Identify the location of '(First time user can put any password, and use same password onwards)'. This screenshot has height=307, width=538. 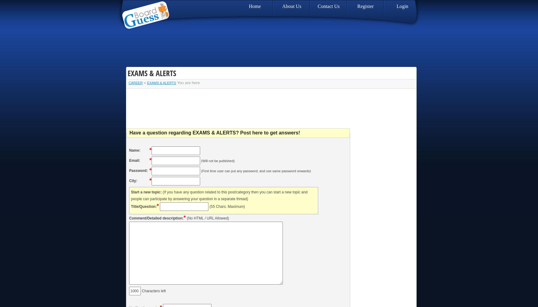
(256, 171).